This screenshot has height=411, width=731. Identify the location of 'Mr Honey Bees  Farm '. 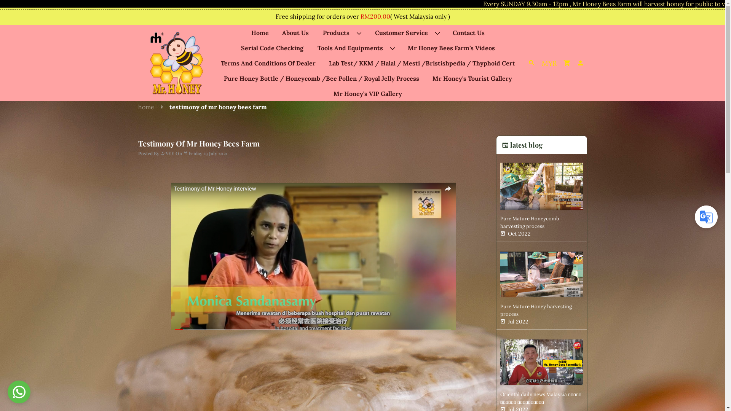
(176, 63).